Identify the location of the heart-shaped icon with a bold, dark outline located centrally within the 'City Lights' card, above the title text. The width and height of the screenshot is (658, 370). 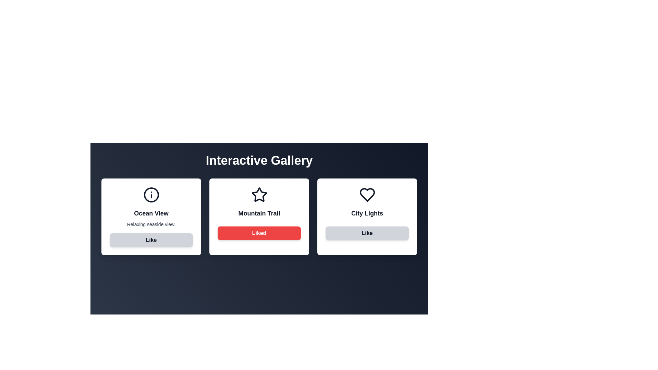
(367, 195).